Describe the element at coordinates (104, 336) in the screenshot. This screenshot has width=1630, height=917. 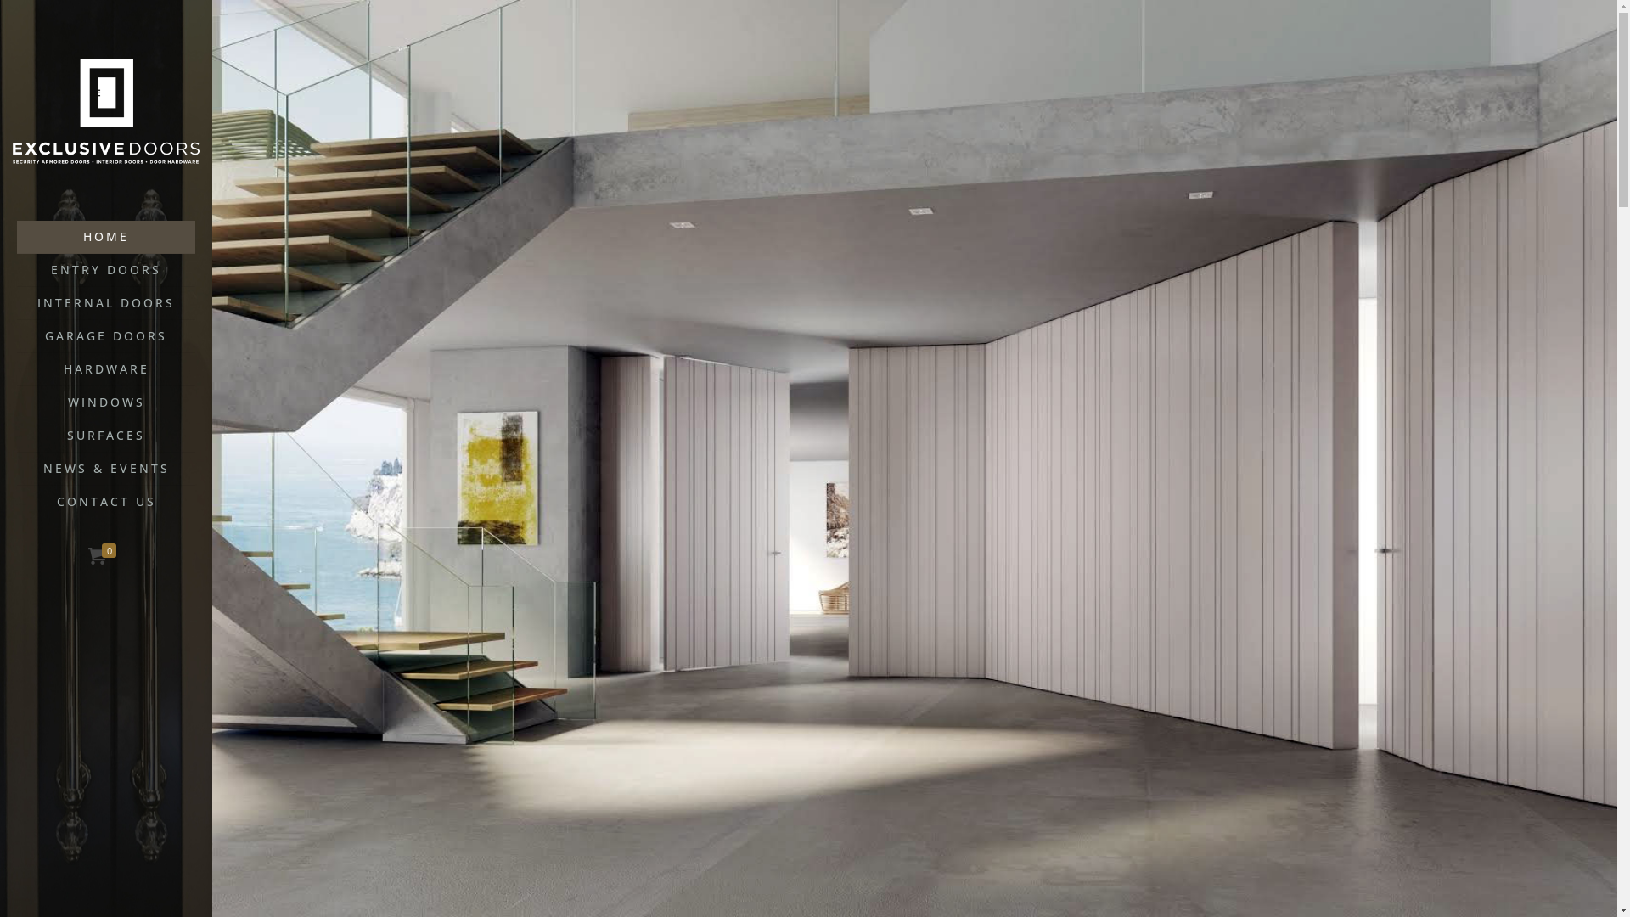
I see `'GARAGE DOORS'` at that location.